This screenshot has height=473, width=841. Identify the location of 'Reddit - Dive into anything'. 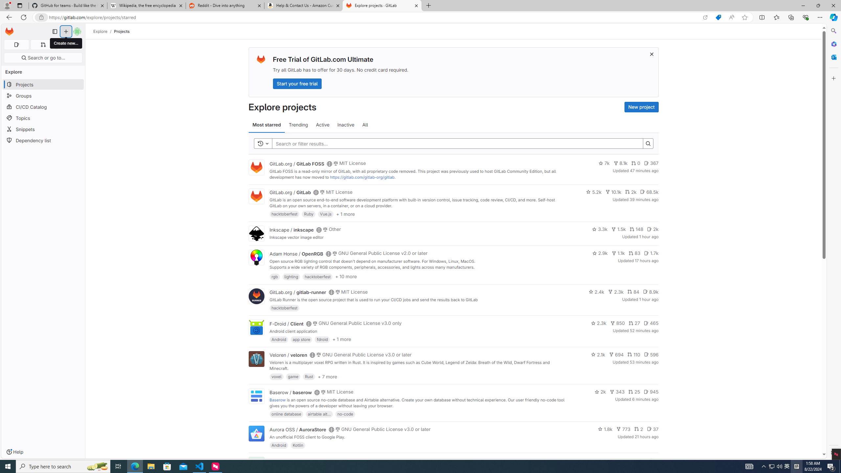
(225, 5).